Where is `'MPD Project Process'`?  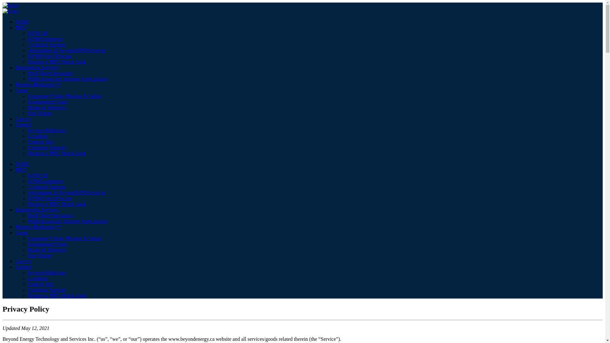
'MPD Project Process' is located at coordinates (49, 56).